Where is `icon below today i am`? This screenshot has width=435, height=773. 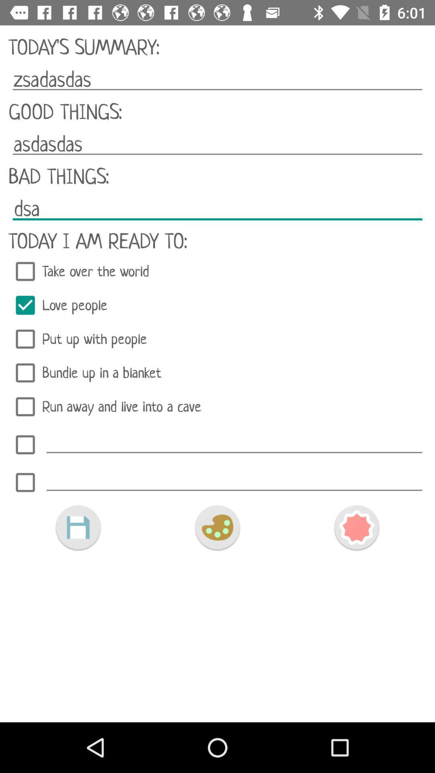
icon below today i am is located at coordinates (217, 271).